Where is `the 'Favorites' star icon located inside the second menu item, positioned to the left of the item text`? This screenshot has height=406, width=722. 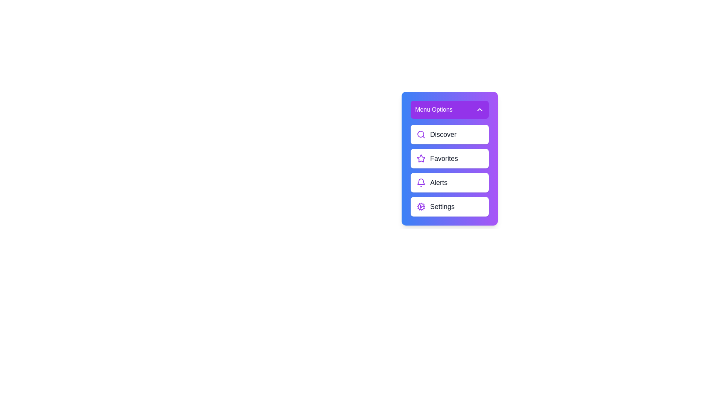 the 'Favorites' star icon located inside the second menu item, positioned to the left of the item text is located at coordinates (420, 158).